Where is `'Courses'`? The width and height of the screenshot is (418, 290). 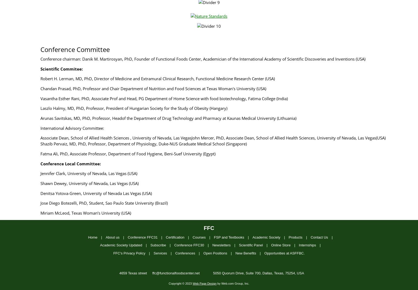
'Courses' is located at coordinates (199, 237).